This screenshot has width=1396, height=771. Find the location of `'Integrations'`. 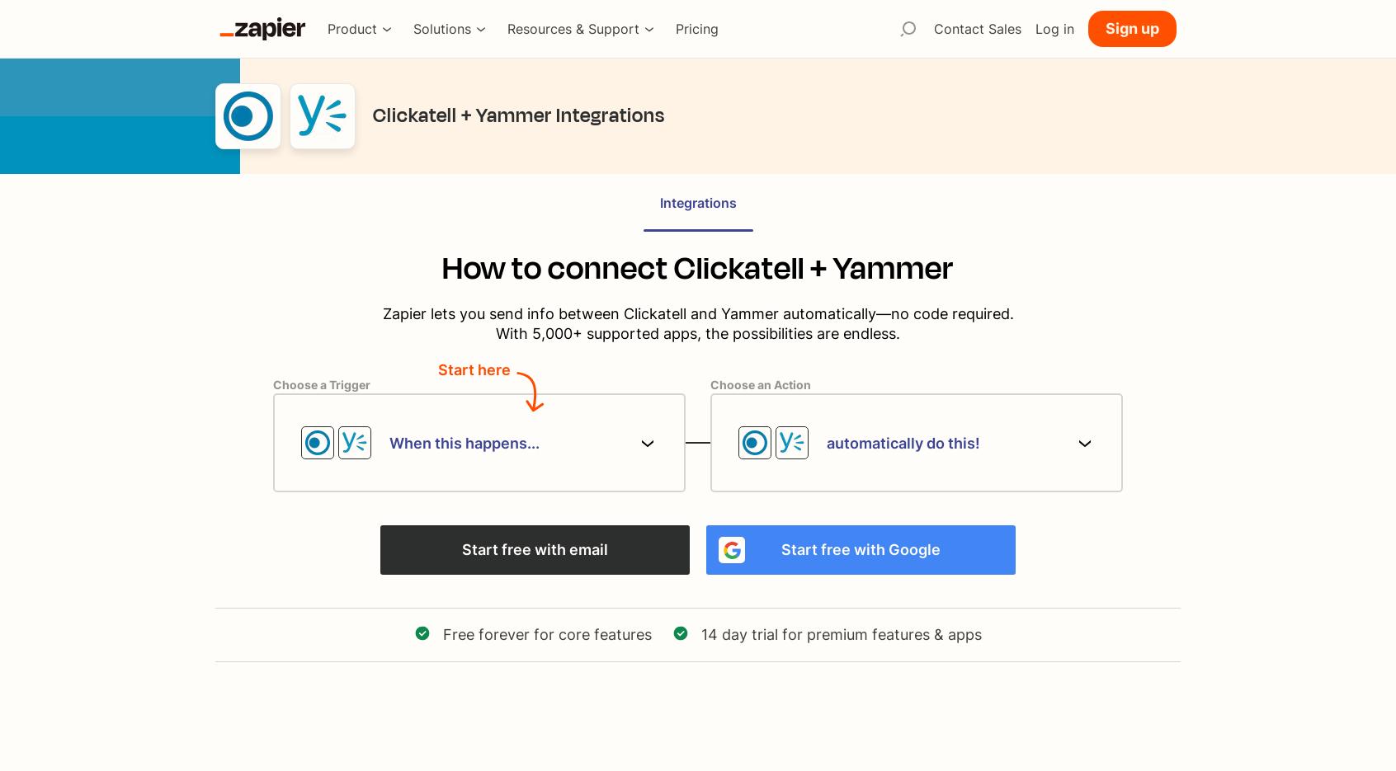

'Integrations' is located at coordinates (697, 201).